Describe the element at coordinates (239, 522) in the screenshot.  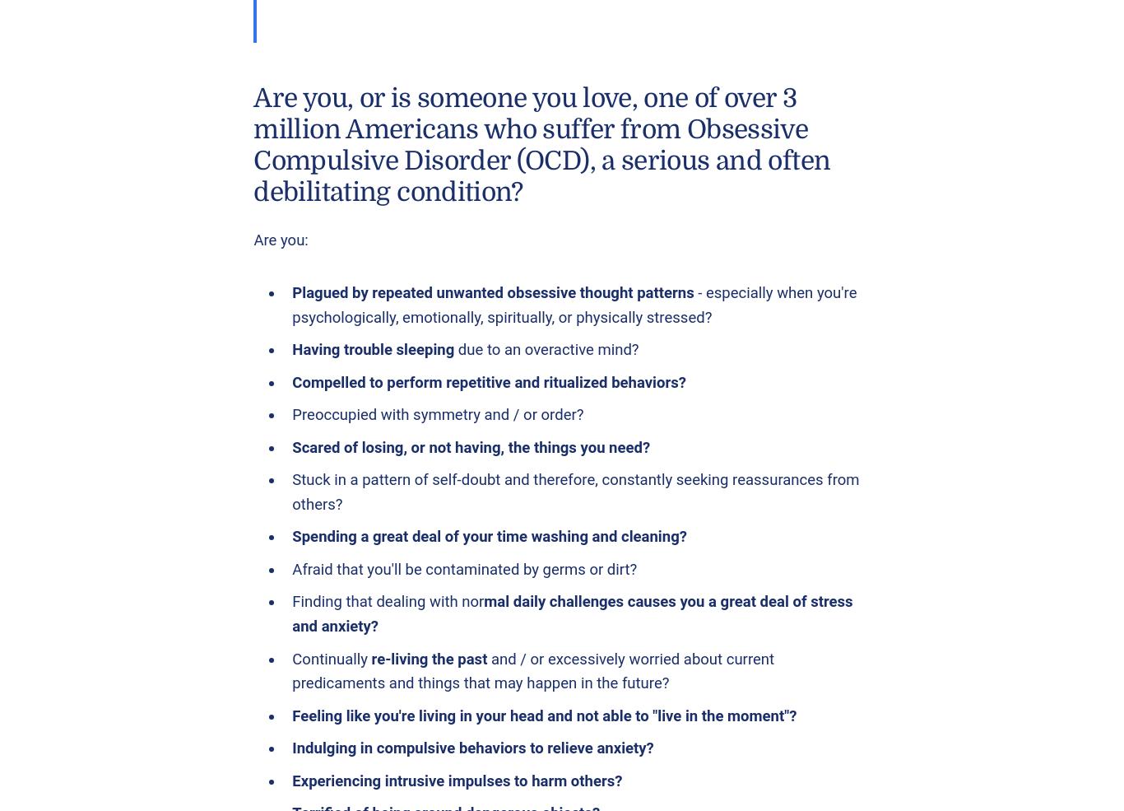
I see `'Web site development by Brian Austin, InternetTIPS.com'` at that location.